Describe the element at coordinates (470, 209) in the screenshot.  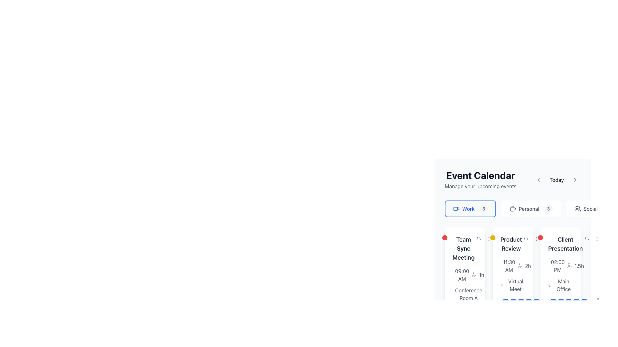
I see `the 'Work' category filter button located at the top of the interface near the 'Event Calendar' header` at that location.